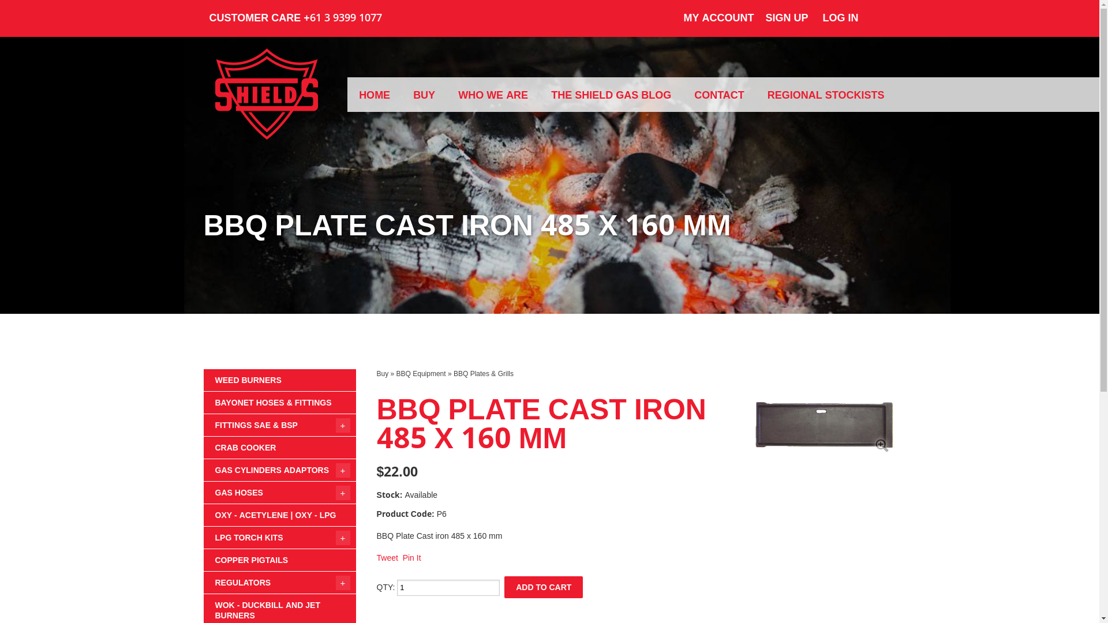 This screenshot has height=623, width=1108. What do you see at coordinates (504, 587) in the screenshot?
I see `'ADD TO CART'` at bounding box center [504, 587].